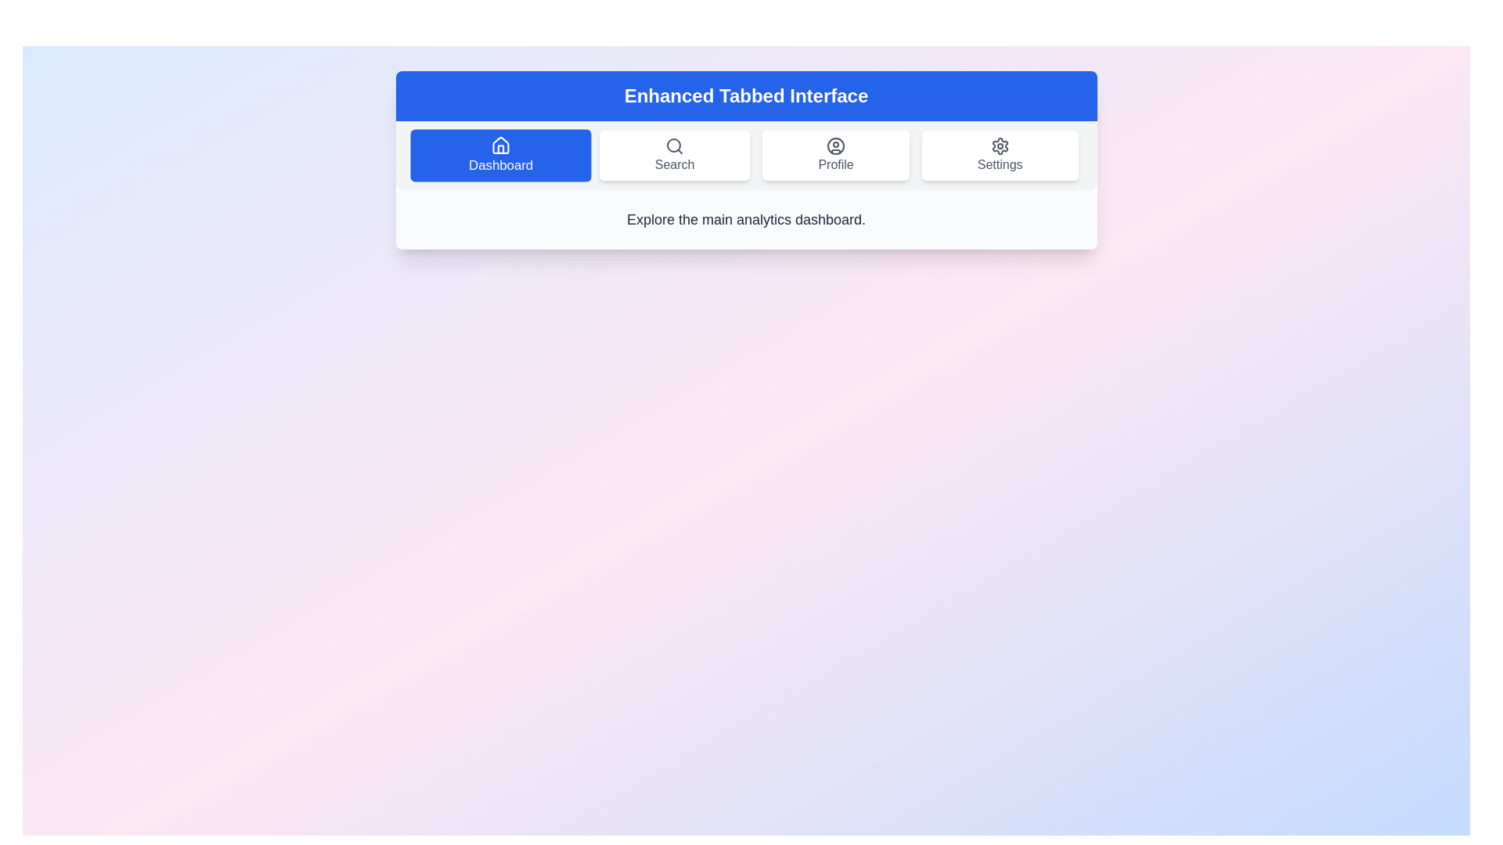 This screenshot has height=845, width=1503. Describe the element at coordinates (499, 146) in the screenshot. I see `the 'Dashboard' icon in the navigation bar, which is the first icon on the left and indicates the current active tab for navigation` at that location.